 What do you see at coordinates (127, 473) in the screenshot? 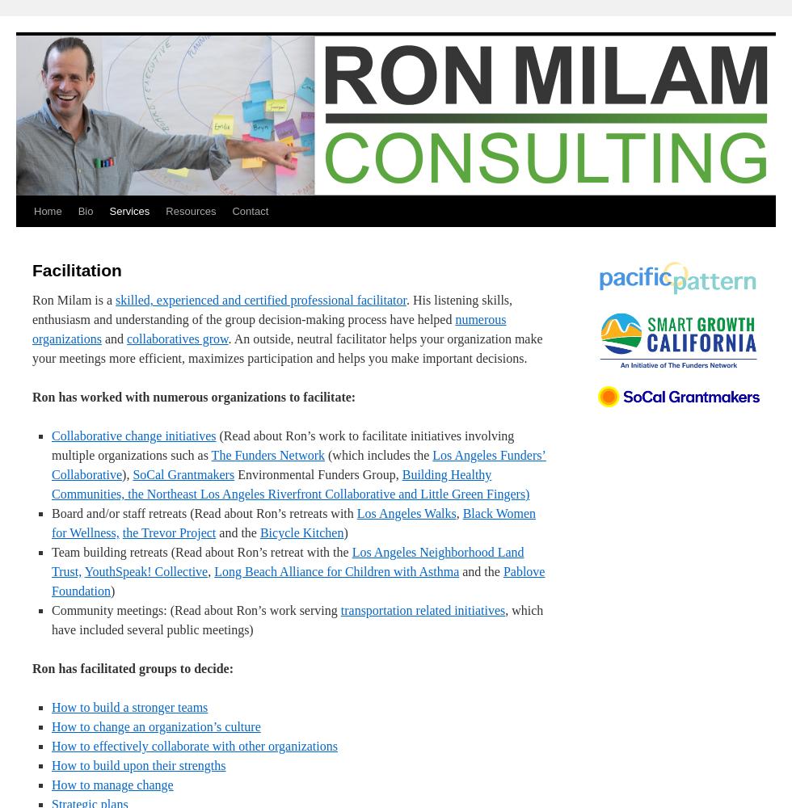
I see `'),'` at bounding box center [127, 473].